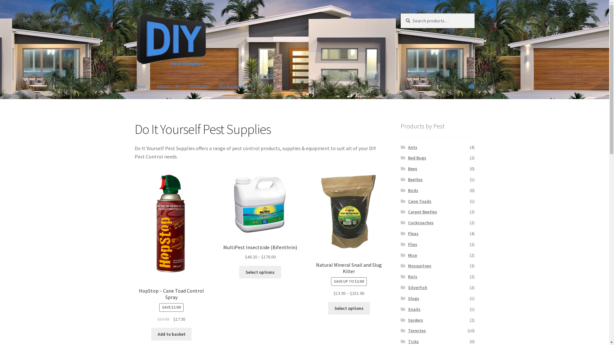 Image resolution: width=614 pixels, height=345 pixels. Describe the element at coordinates (260, 272) in the screenshot. I see `'Select options'` at that location.